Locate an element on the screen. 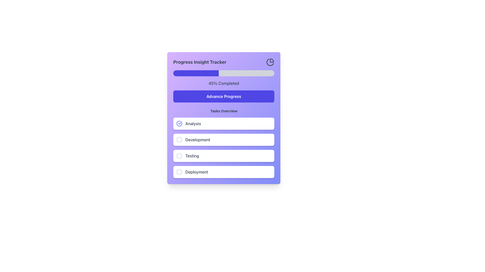  the second list item in a vertical list that represents 'Development' is located at coordinates (224, 140).